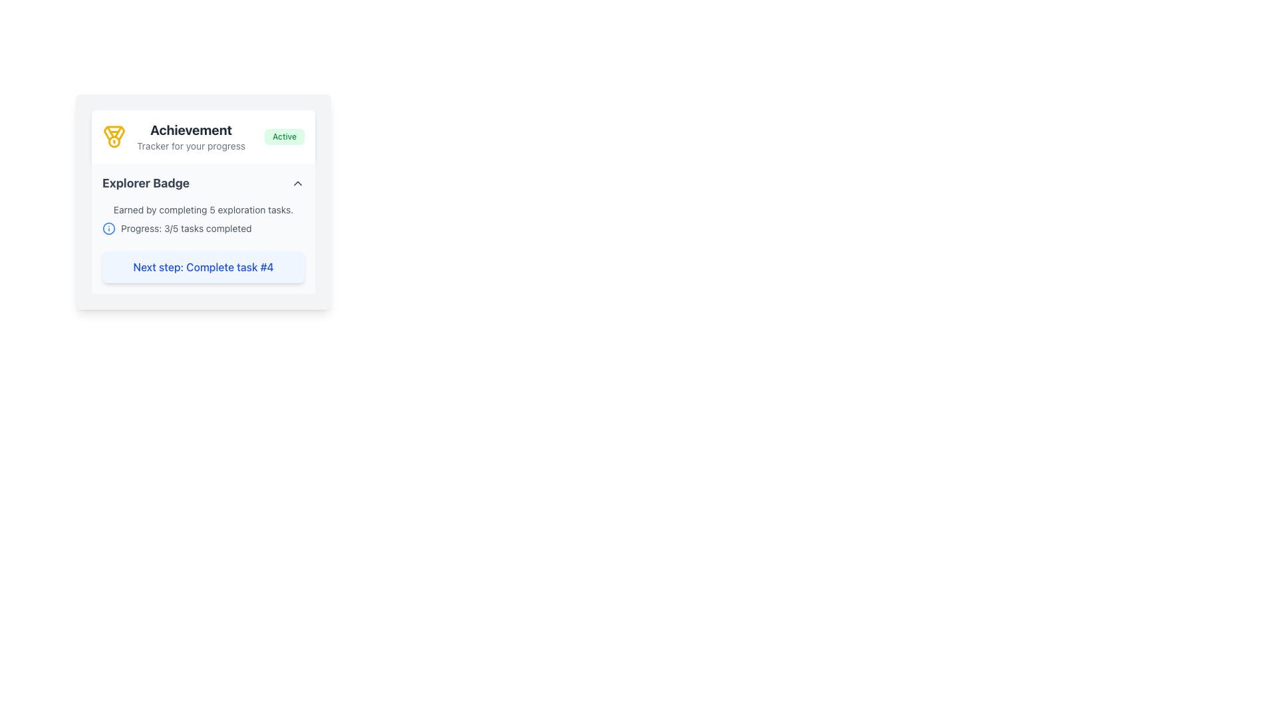  What do you see at coordinates (186, 227) in the screenshot?
I see `text displayed on the progress Text Label located below 'Earned by completing 5 exploration tasks' in the 'Explorer Badge' section` at bounding box center [186, 227].